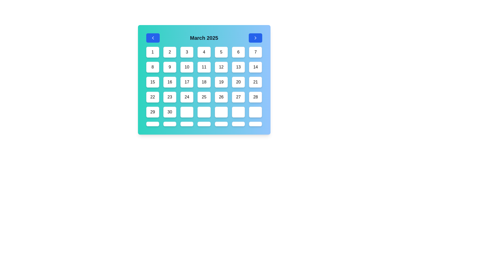  I want to click on the inactive button located in the last column of the last row of the grid layout, which has no visible label or interaction cues, so click(255, 124).